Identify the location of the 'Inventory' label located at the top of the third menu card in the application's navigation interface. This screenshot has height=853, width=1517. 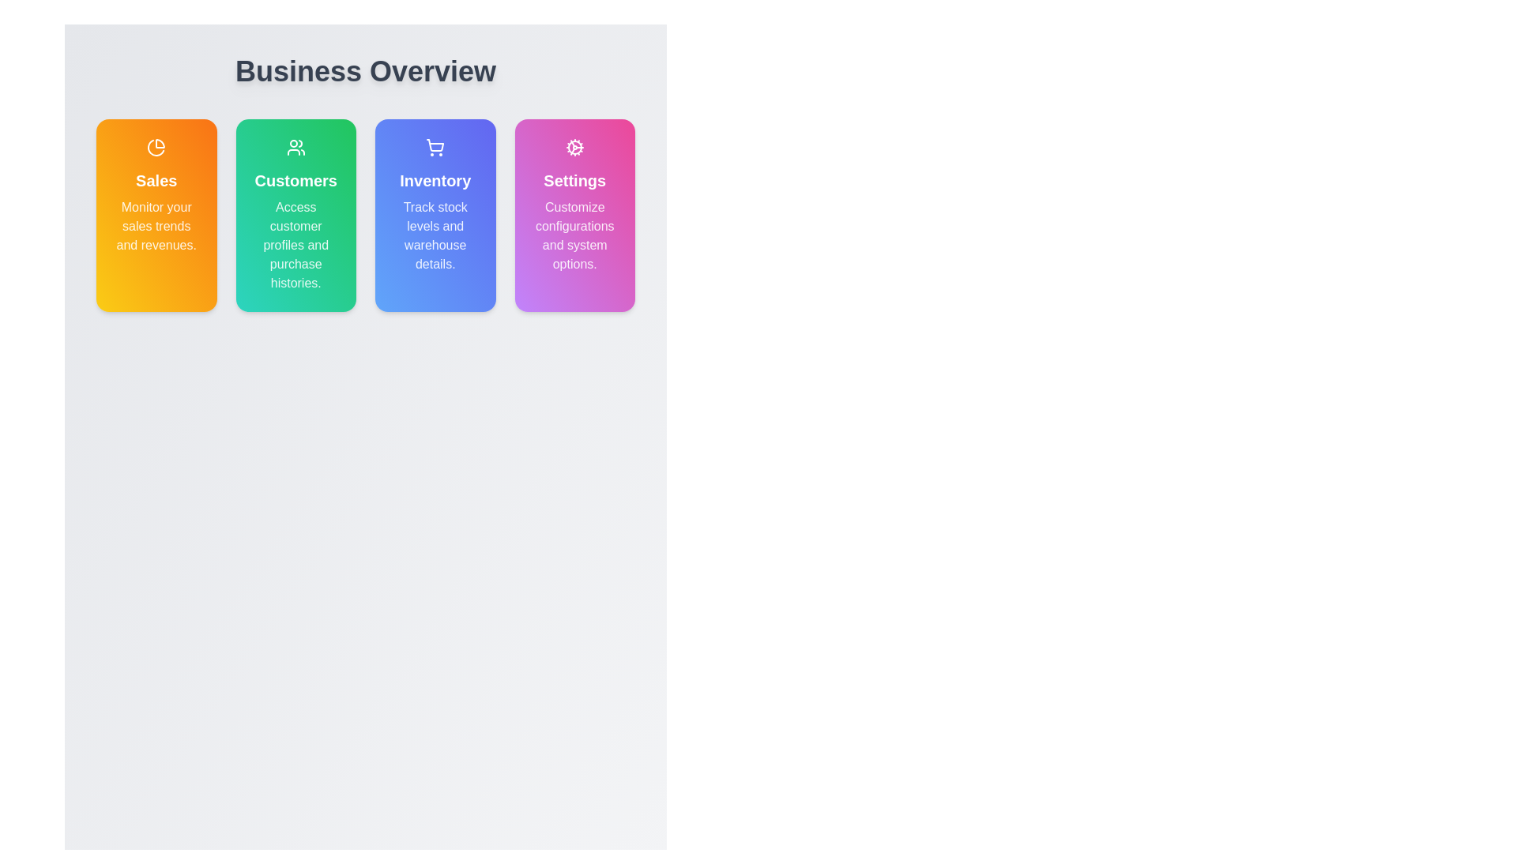
(435, 179).